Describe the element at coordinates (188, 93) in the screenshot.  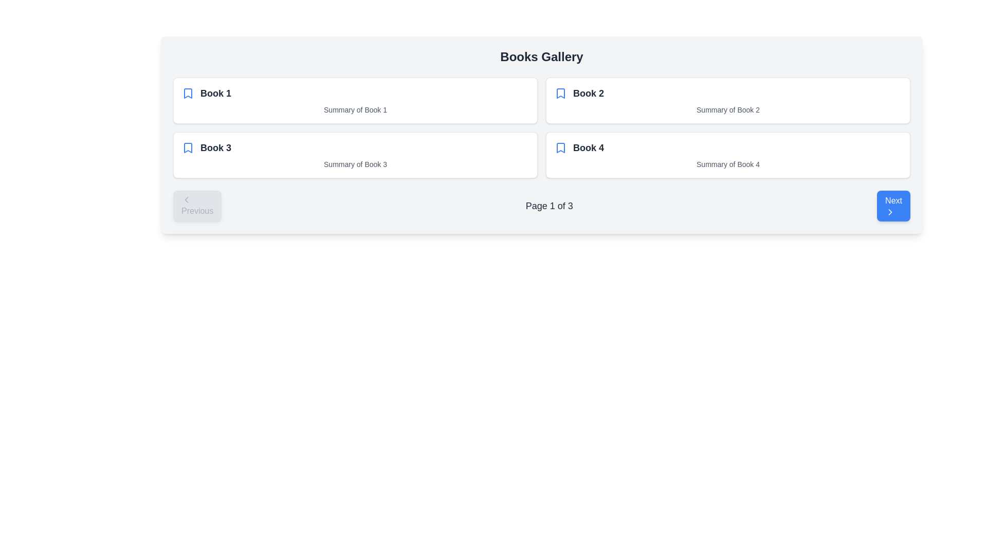
I see `the bookmark icon representing 'Book 1' in the 'Books Gallery'` at that location.